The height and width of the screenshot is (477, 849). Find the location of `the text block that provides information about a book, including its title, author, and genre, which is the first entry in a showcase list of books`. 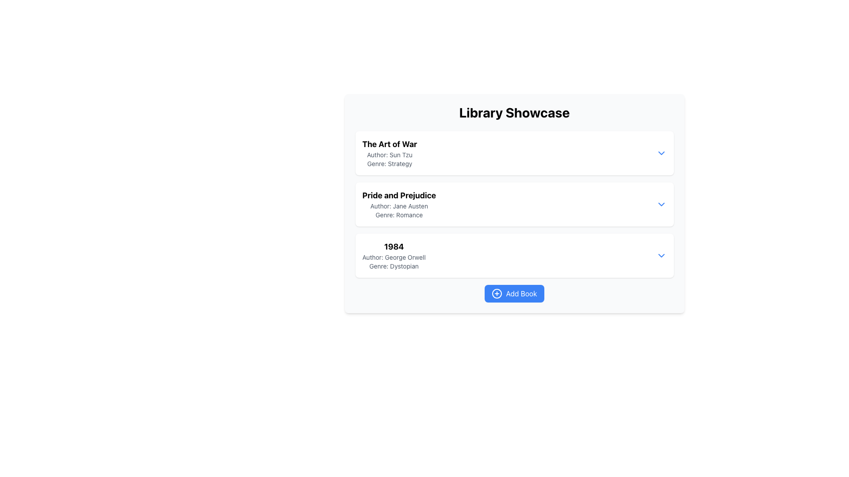

the text block that provides information about a book, including its title, author, and genre, which is the first entry in a showcase list of books is located at coordinates (389, 153).